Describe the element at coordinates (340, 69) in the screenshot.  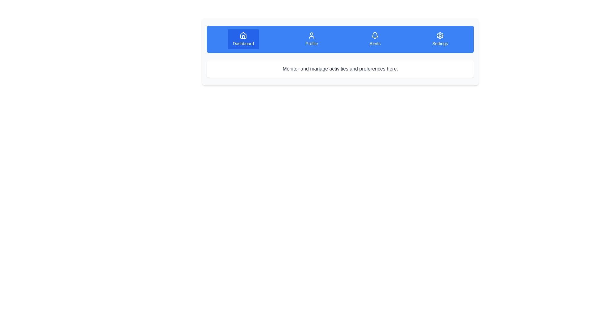
I see `the Informational Text Block that provides users with instructions about the section below the navigation bar` at that location.